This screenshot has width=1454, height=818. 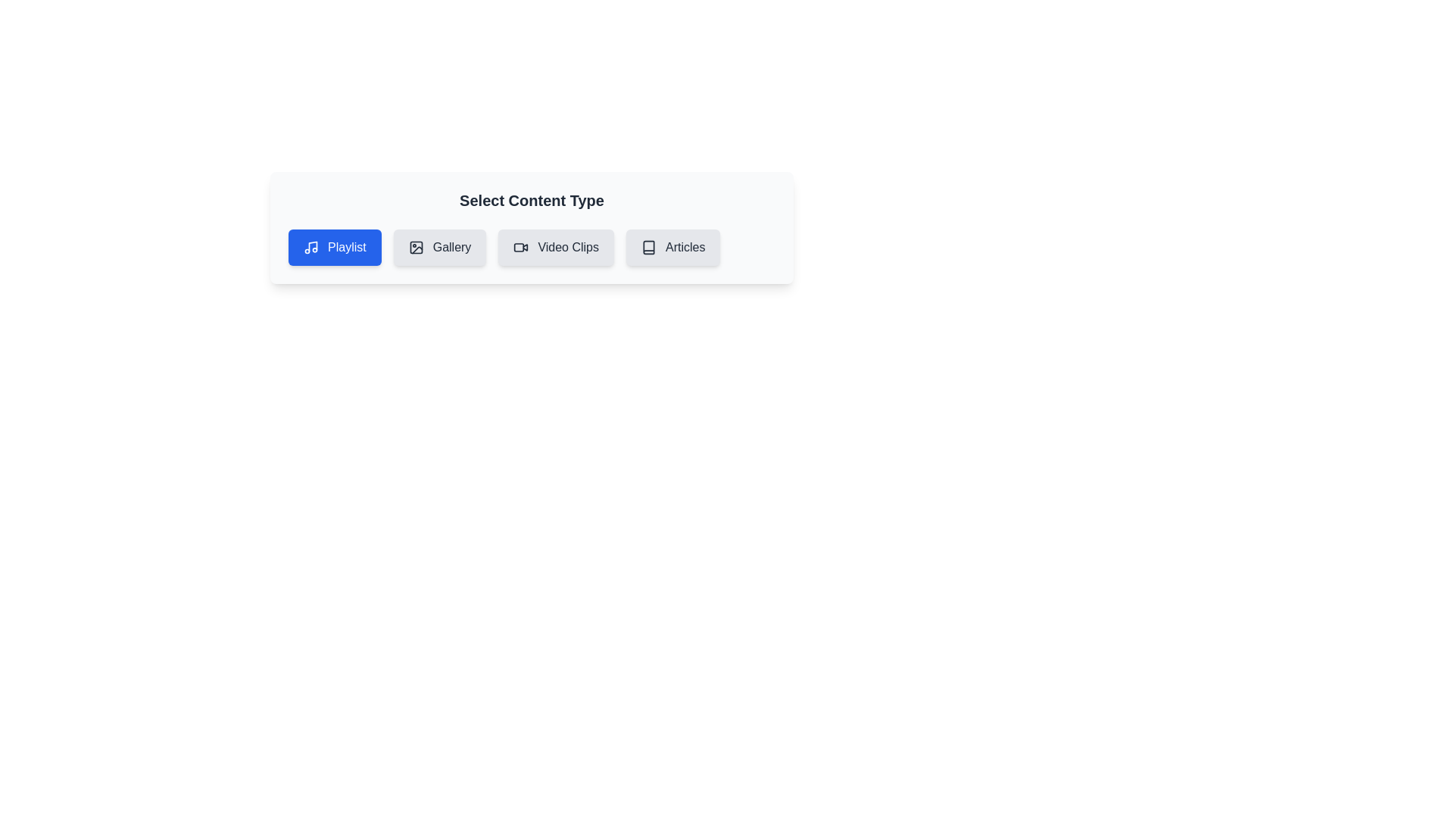 I want to click on the chip labeled 'Gallery' to observe its hover effect, so click(x=438, y=247).